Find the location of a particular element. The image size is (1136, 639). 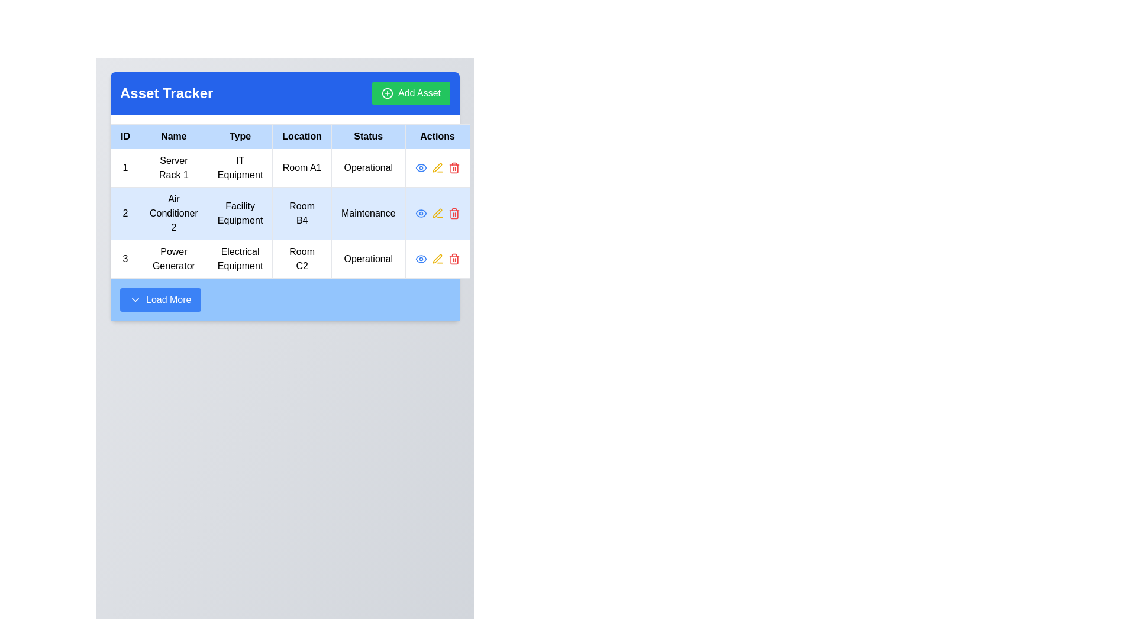

information displayed in the third row of the table, which includes the asset labeled 'Power Generator', its Type 'Electrical Equipment', located in 'Room C2', and its Status 'Operational' is located at coordinates (290, 259).